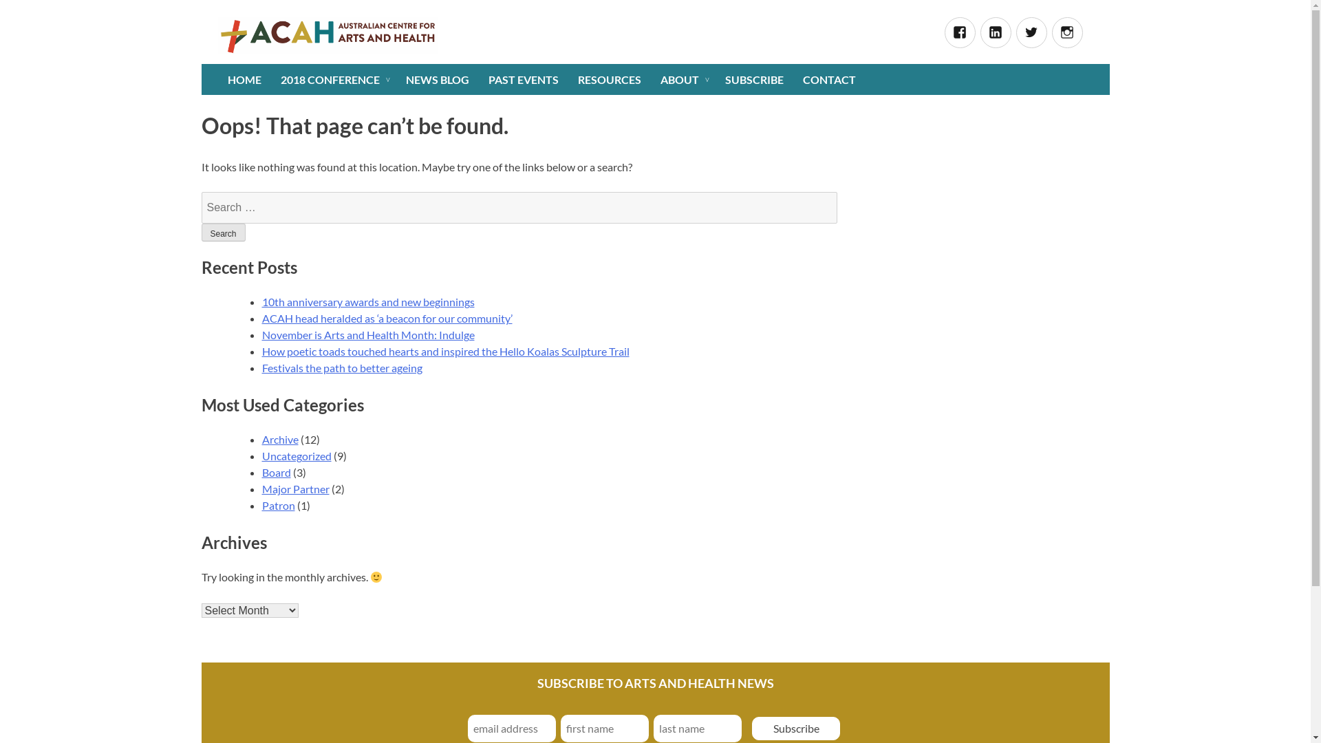 The image size is (1321, 743). What do you see at coordinates (367, 334) in the screenshot?
I see `'November is Arts and Health Month: Indulge'` at bounding box center [367, 334].